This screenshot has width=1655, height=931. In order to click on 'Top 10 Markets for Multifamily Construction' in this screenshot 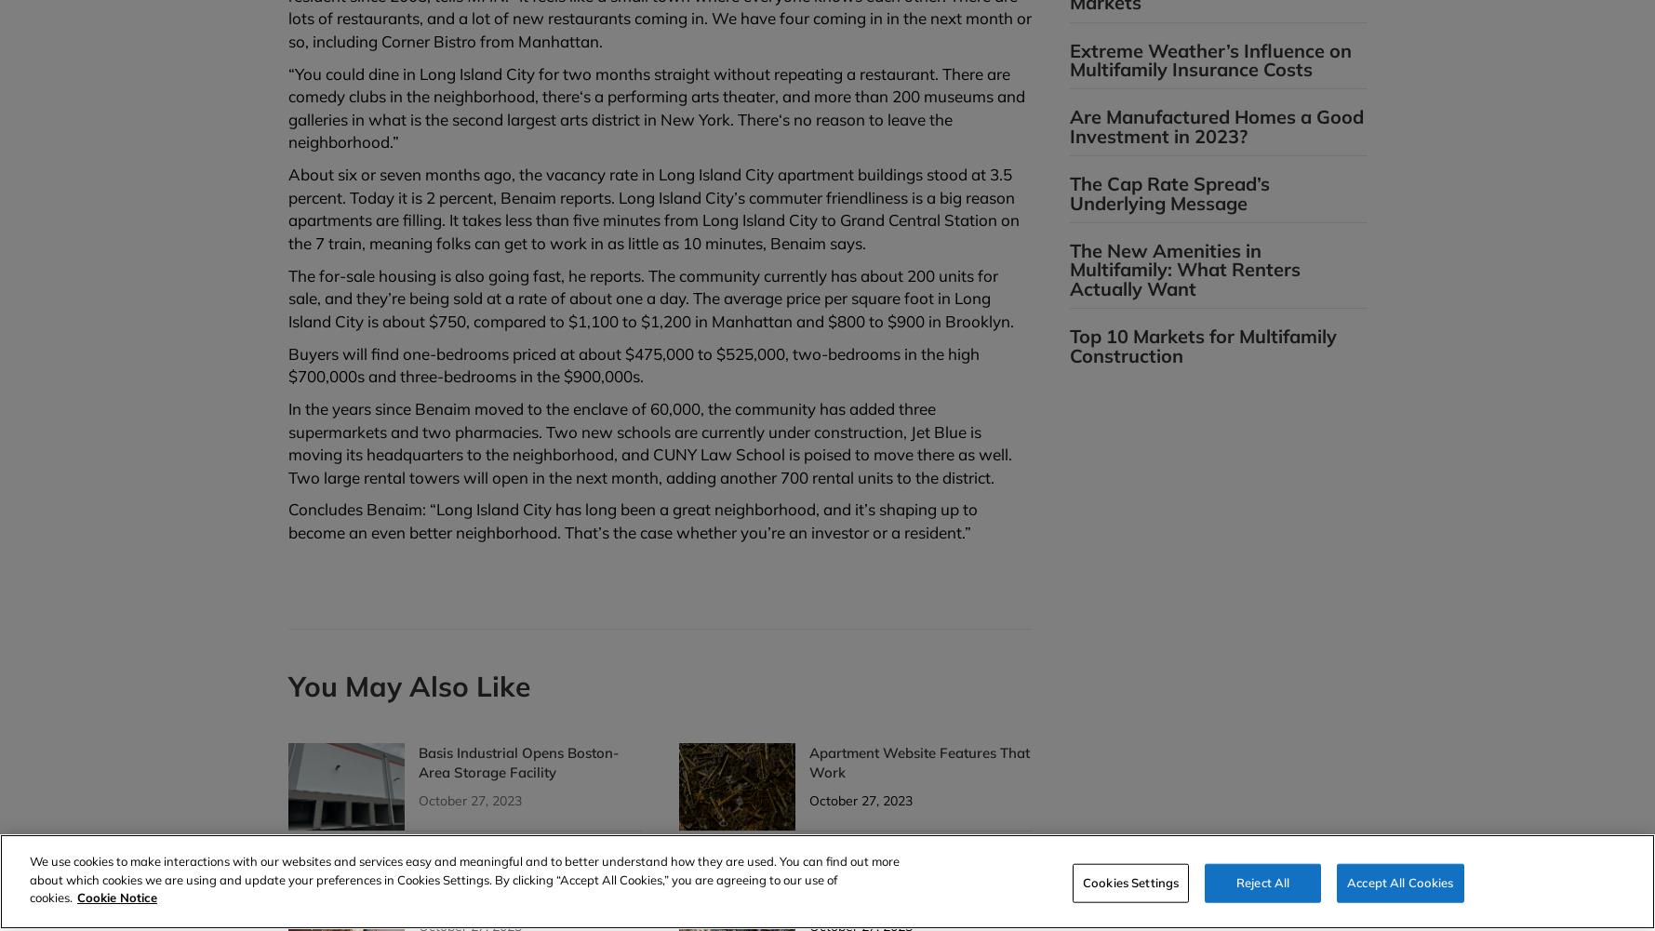, I will do `click(1202, 344)`.